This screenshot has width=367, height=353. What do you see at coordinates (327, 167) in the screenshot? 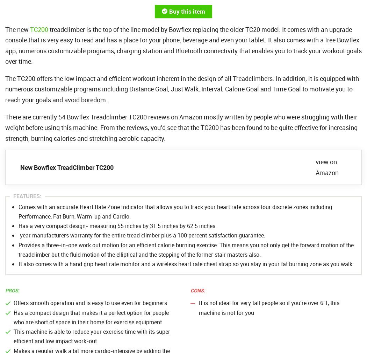
I see `'view on Amazon'` at bounding box center [327, 167].